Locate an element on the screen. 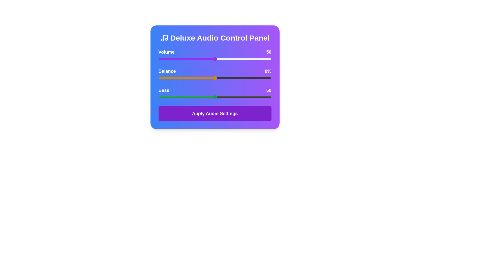 Image resolution: width=484 pixels, height=272 pixels. the static text display showing the current balance value of '0%' located in the center of the 'Balance' section above the color bar slider is located at coordinates (215, 71).